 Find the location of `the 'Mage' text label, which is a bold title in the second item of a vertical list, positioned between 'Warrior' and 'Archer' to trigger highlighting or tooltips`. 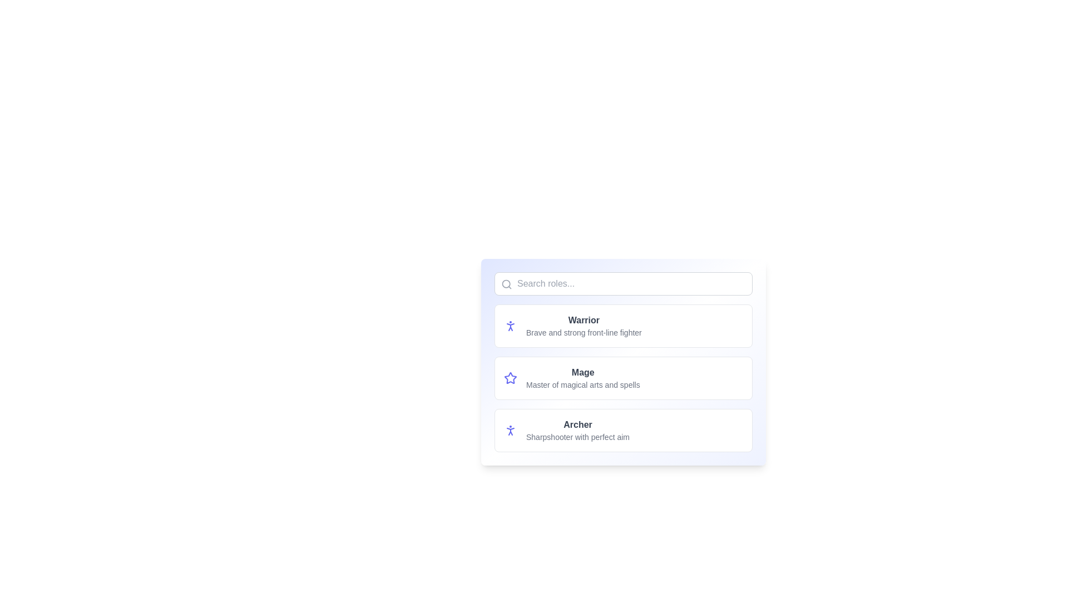

the 'Mage' text label, which is a bold title in the second item of a vertical list, positioned between 'Warrior' and 'Archer' to trigger highlighting or tooltips is located at coordinates (582, 373).